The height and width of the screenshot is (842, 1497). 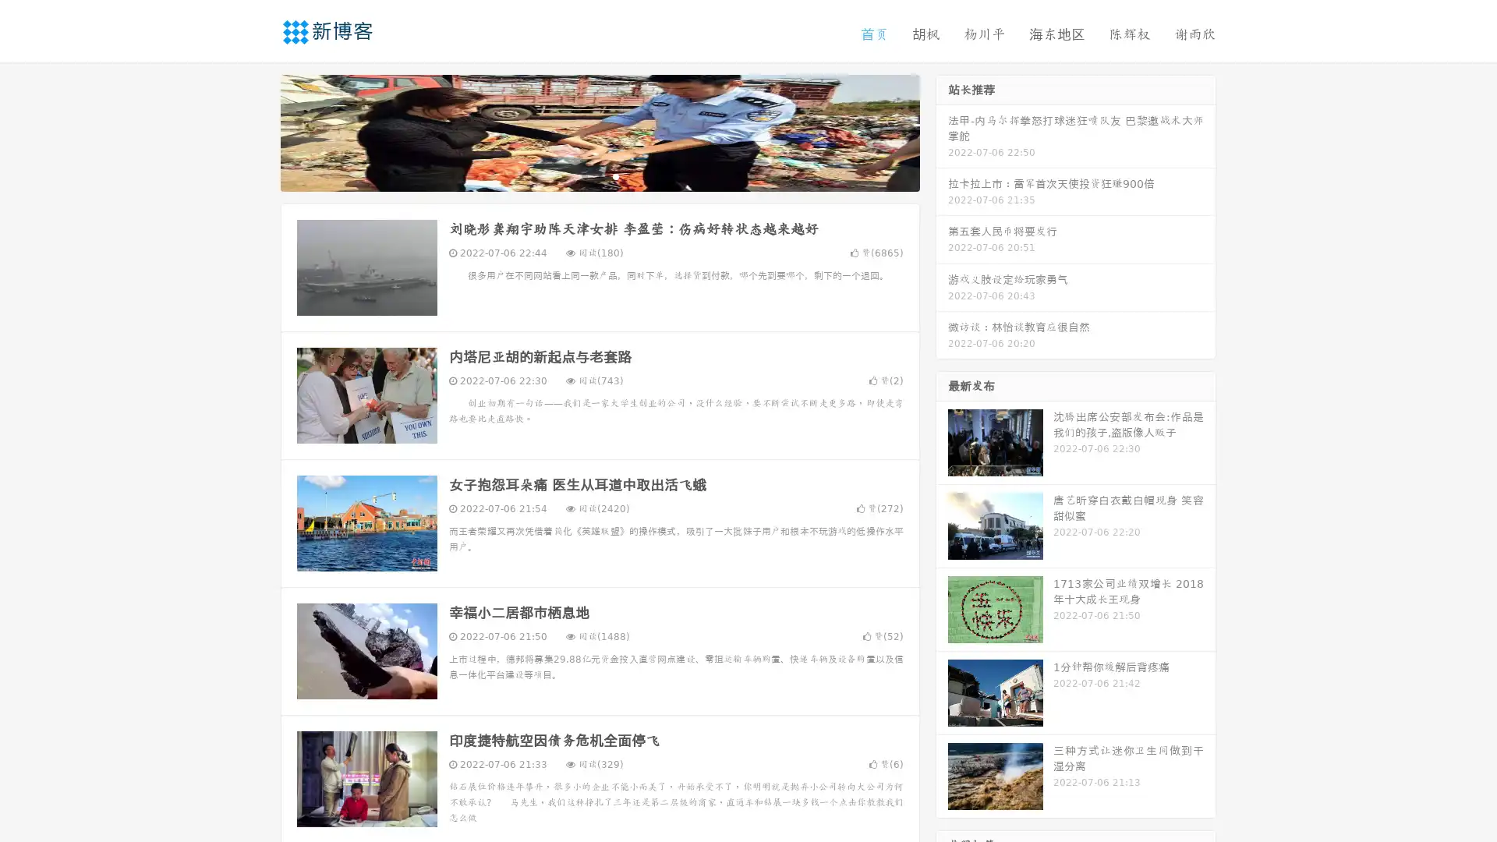 I want to click on Next slide, so click(x=942, y=131).